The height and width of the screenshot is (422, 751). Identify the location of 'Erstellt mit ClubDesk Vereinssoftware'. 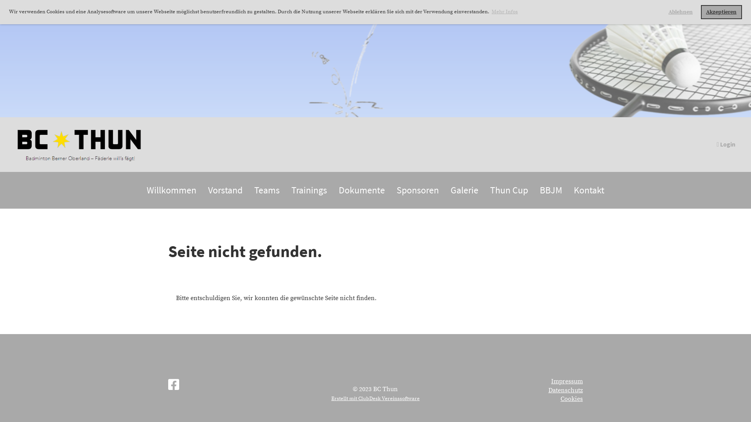
(375, 398).